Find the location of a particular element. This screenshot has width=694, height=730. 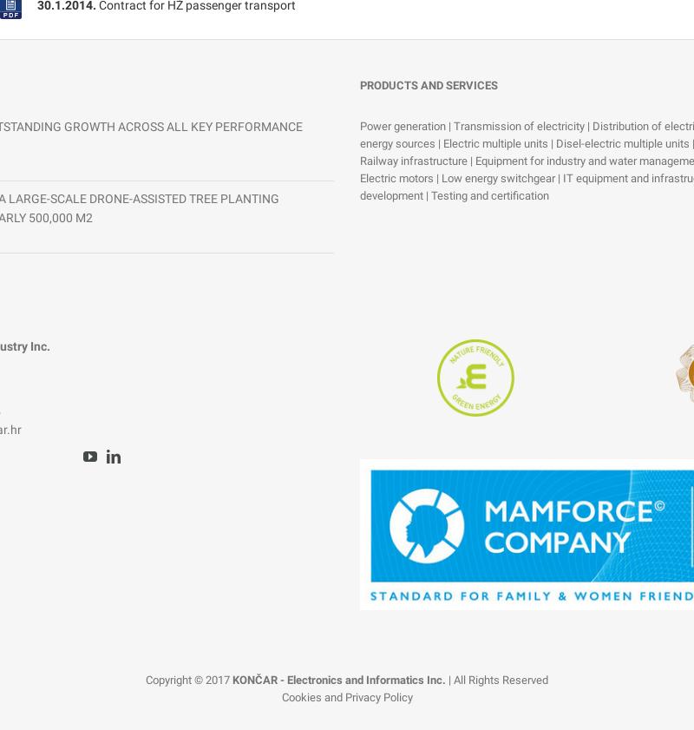

'| All Rights Reserved' is located at coordinates (496, 679).